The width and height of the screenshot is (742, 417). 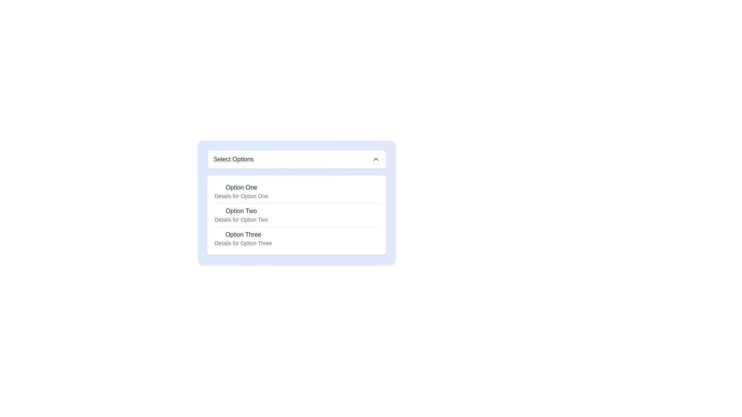 I want to click on to select the List item element labeled 'Option Two' which contains a bold black title and a smaller gray description, positioned as the second item in the 'Select Options' dropdown list, so click(x=296, y=215).